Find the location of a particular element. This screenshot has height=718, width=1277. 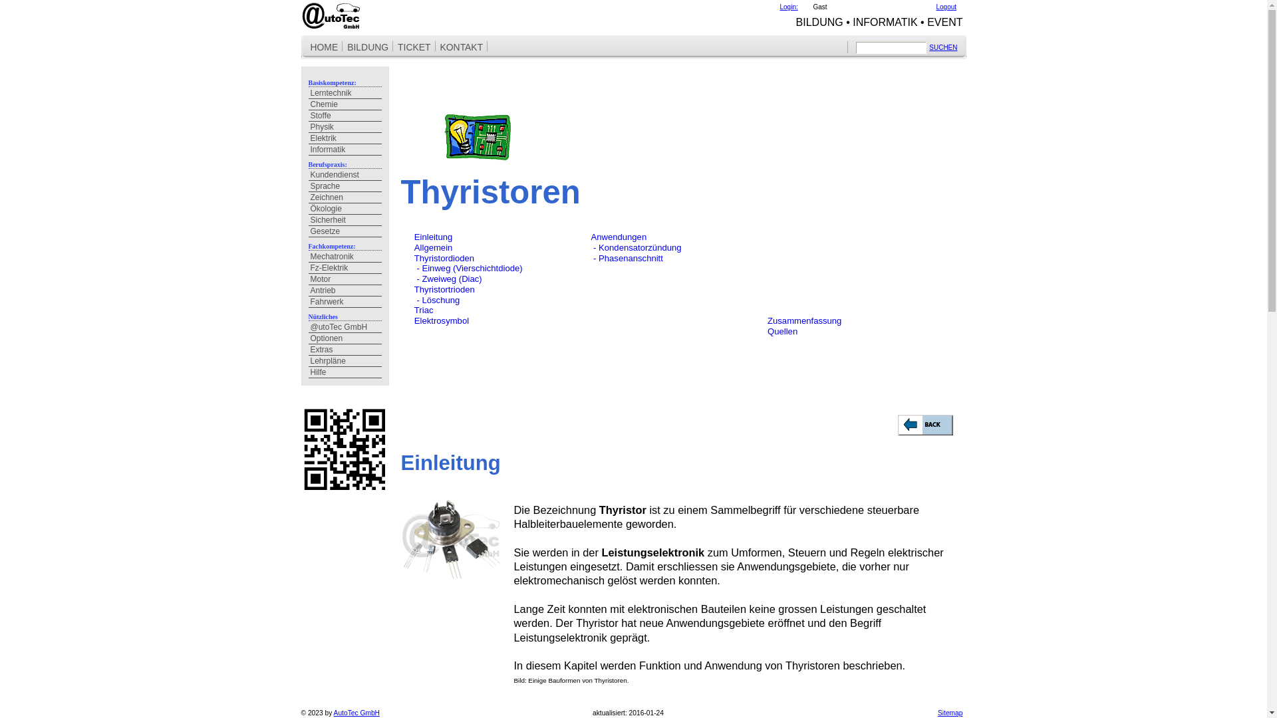

'Thyristortrioden' is located at coordinates (414, 289).